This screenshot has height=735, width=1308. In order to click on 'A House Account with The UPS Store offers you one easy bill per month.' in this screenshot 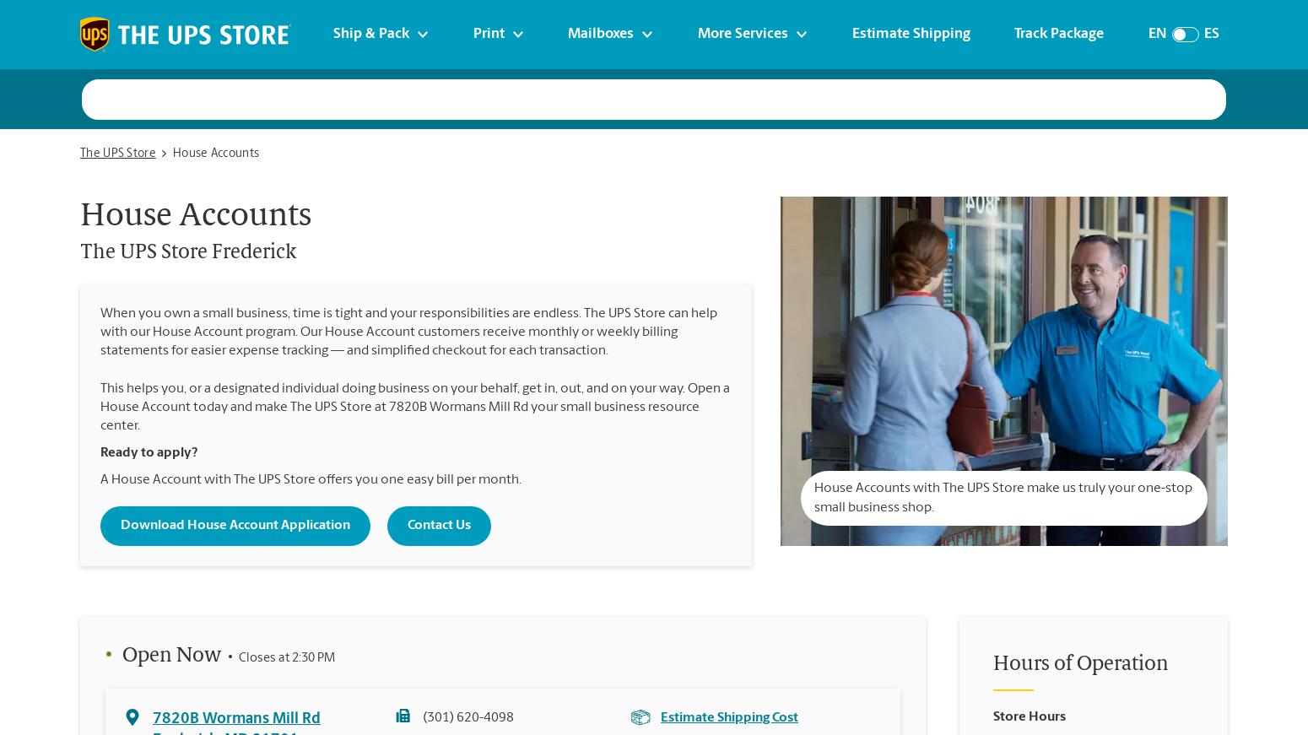, I will do `click(310, 478)`.